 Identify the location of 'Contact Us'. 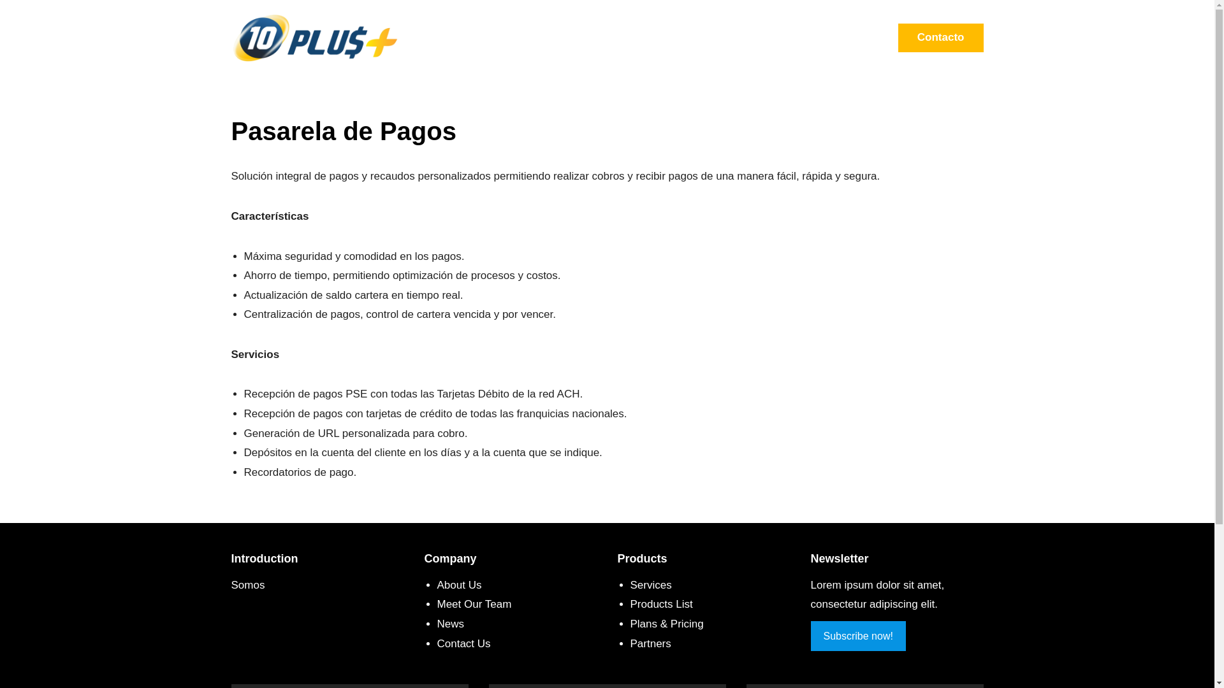
(463, 643).